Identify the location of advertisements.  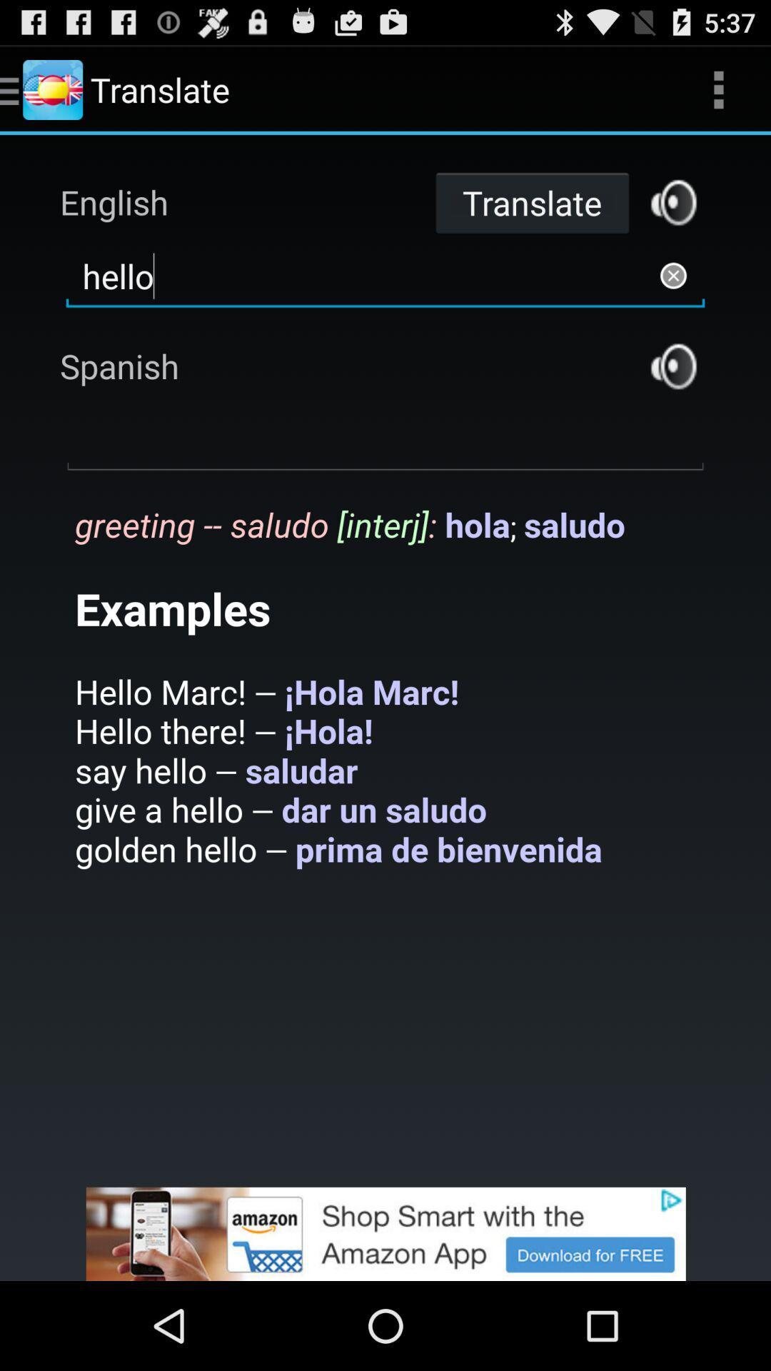
(385, 1233).